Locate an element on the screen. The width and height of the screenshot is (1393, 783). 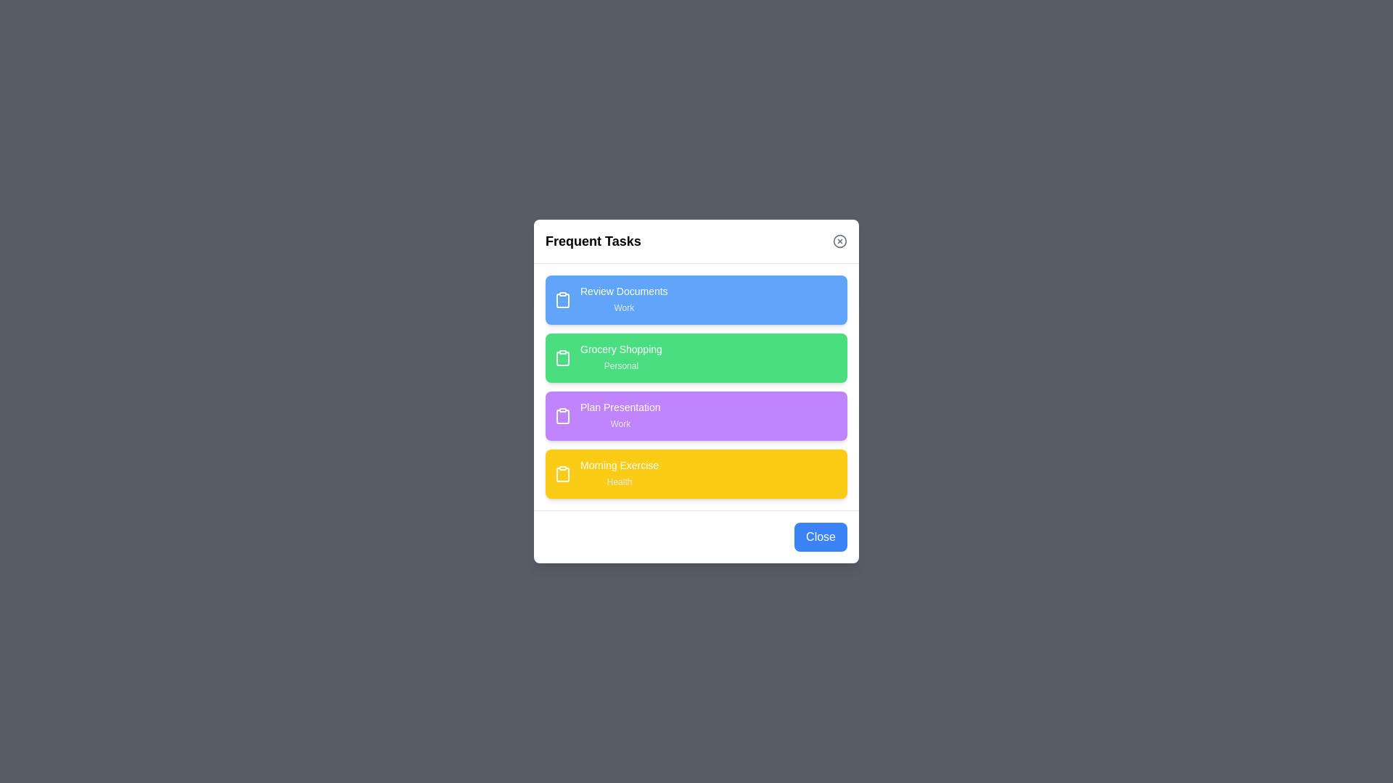
the close button to dismiss the dialog is located at coordinates (839, 240).